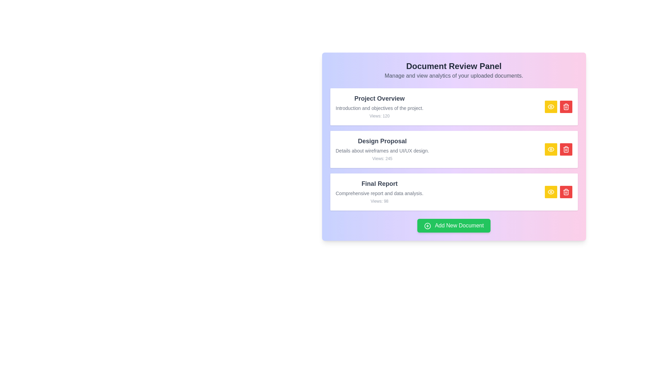 This screenshot has height=371, width=660. What do you see at coordinates (566, 107) in the screenshot?
I see `the delete button for the document titled Project Overview` at bounding box center [566, 107].